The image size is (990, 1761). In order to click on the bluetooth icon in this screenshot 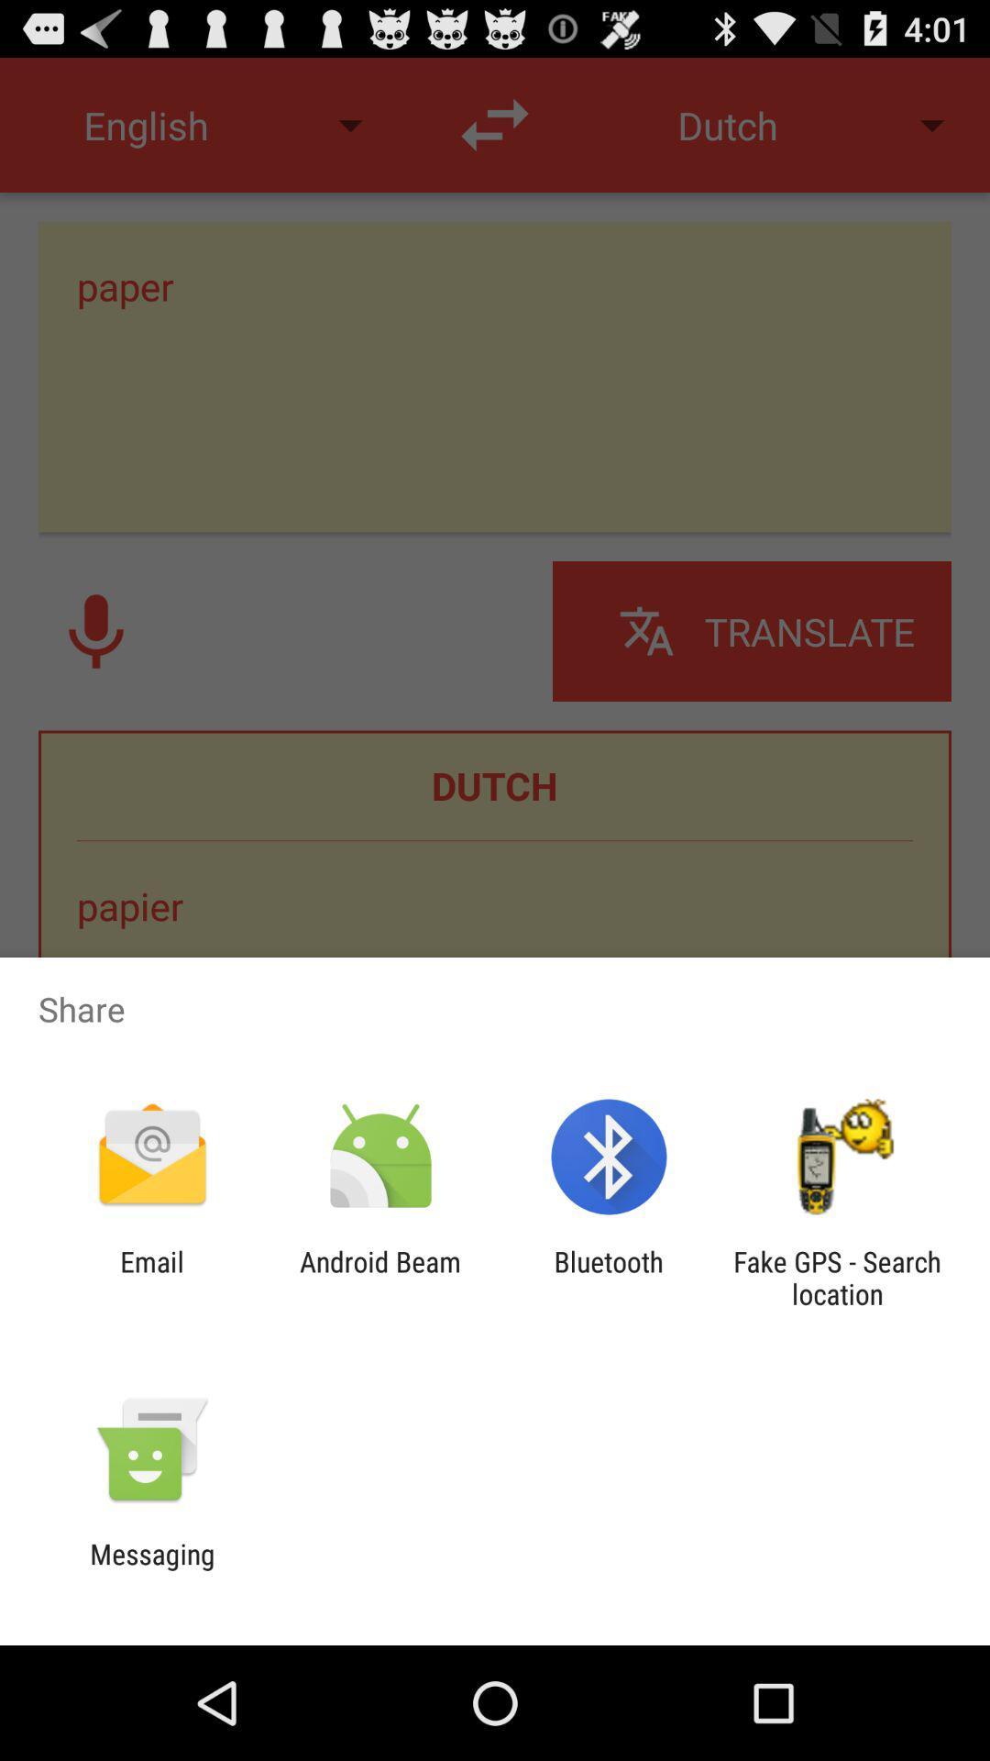, I will do `click(609, 1277)`.